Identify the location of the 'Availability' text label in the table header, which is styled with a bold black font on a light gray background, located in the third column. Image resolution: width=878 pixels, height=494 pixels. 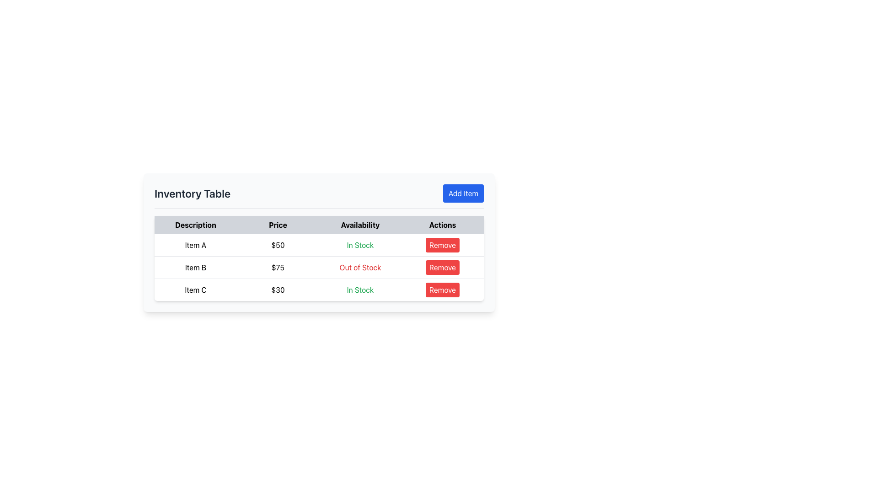
(359, 225).